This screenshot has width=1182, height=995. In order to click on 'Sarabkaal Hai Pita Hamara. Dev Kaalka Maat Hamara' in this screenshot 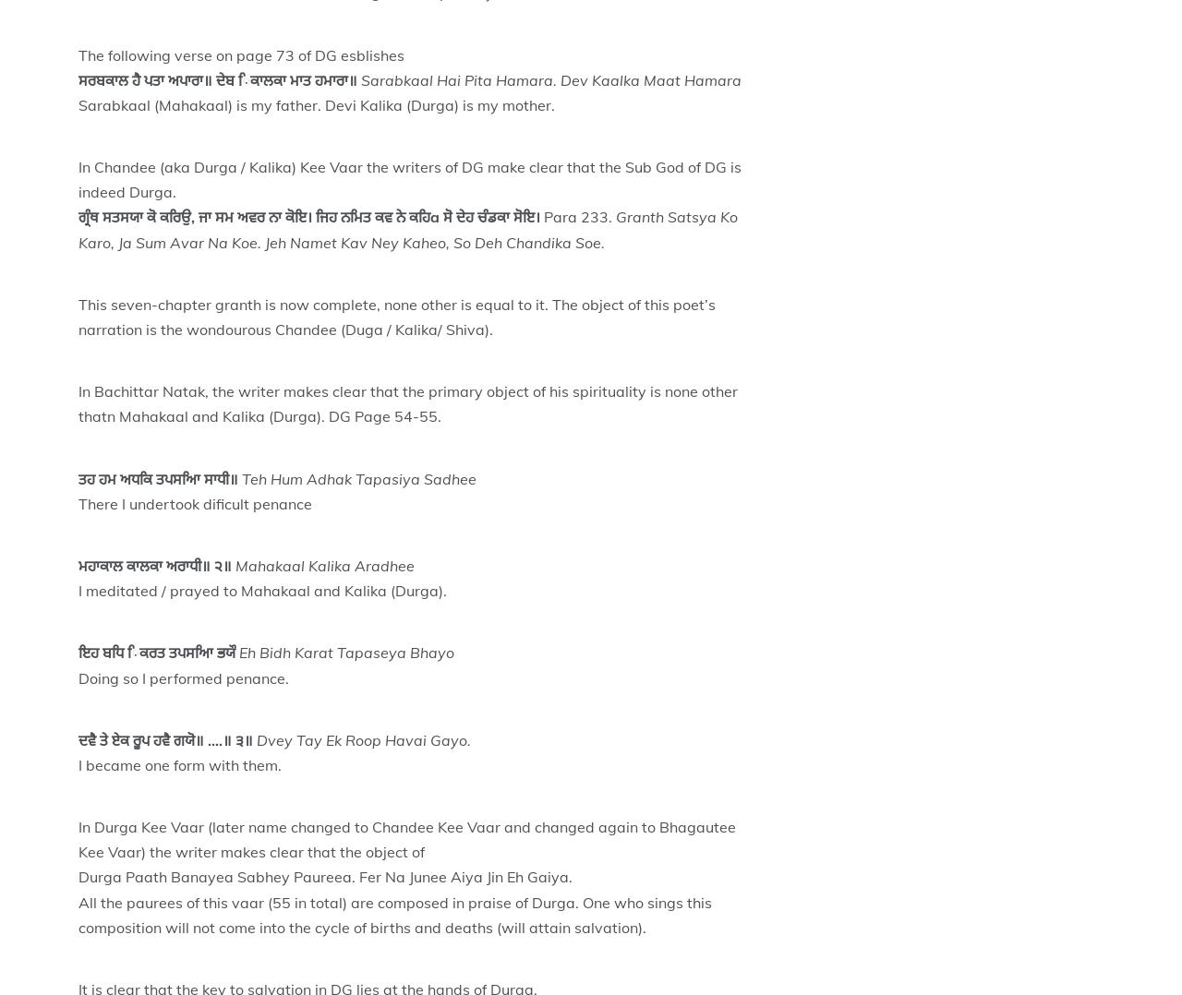, I will do `click(549, 78)`.